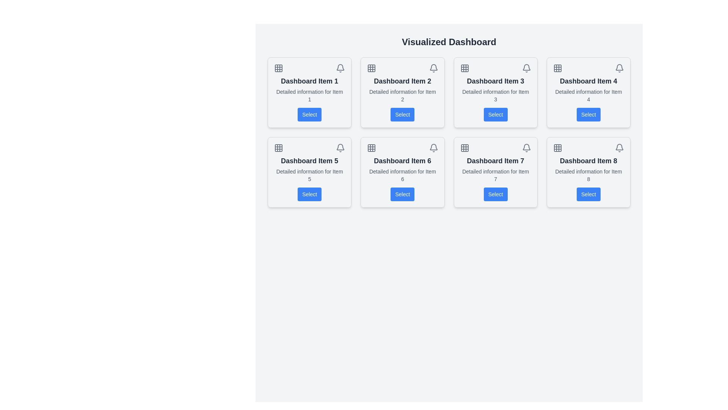  I want to click on the text label that displays the title of the second card in the grid layout, located in the top-center area of the card, so click(402, 81).